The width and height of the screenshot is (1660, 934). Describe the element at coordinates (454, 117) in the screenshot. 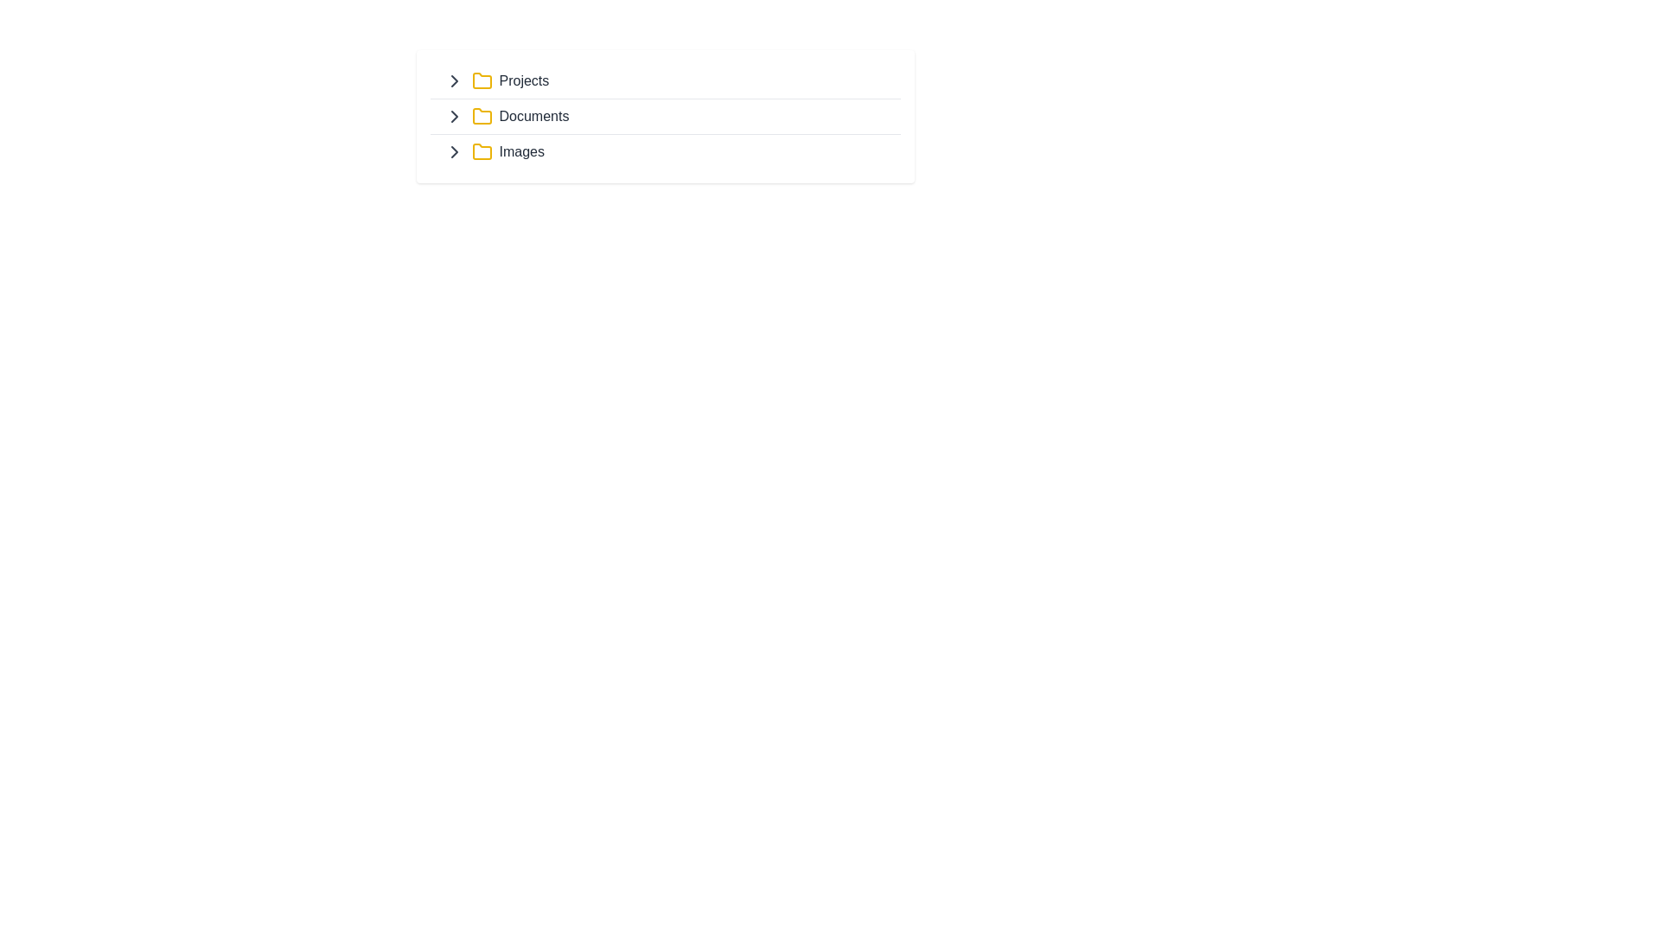

I see `the rightward-pointing chevron icon preceding the 'Documents' label for a visual effect` at that location.